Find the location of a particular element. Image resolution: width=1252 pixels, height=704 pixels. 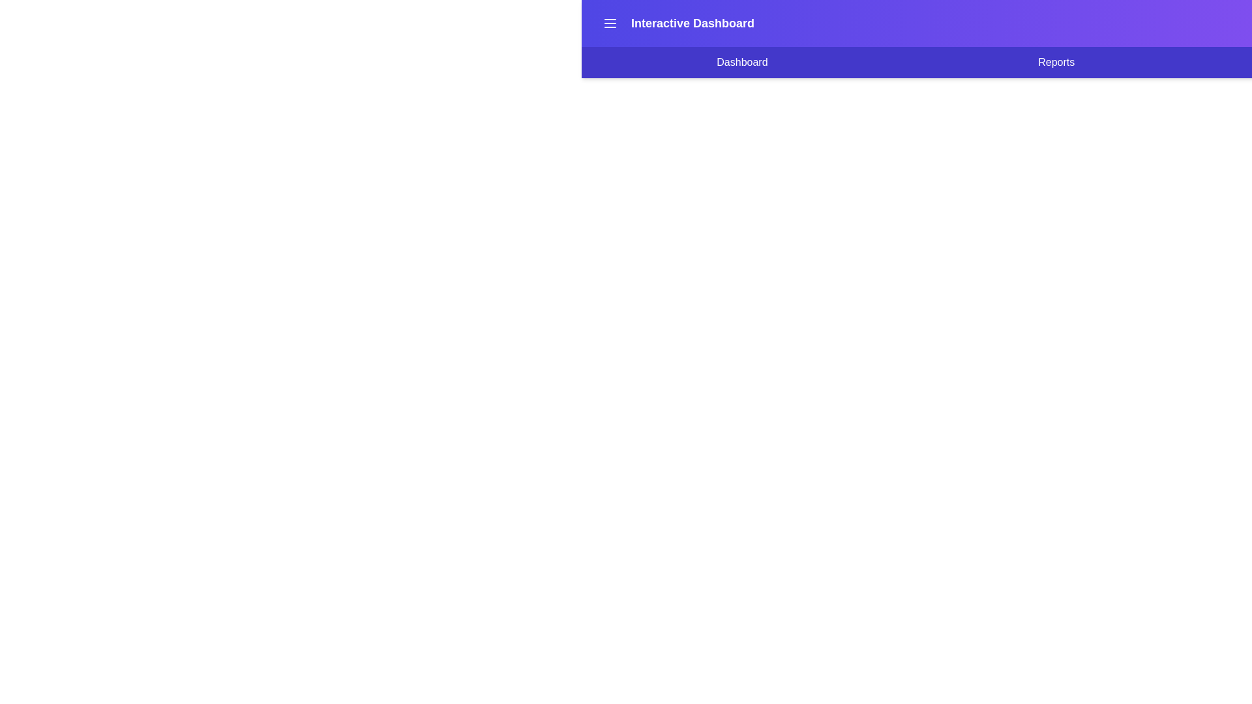

the 'Dashboard' text label in the navigation menu is located at coordinates (742, 63).